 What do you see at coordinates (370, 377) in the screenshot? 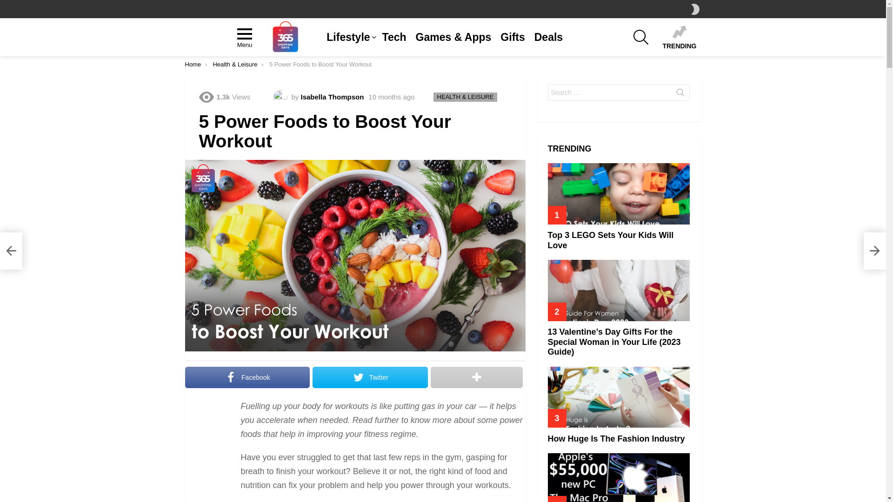
I see `'Twitter'` at bounding box center [370, 377].